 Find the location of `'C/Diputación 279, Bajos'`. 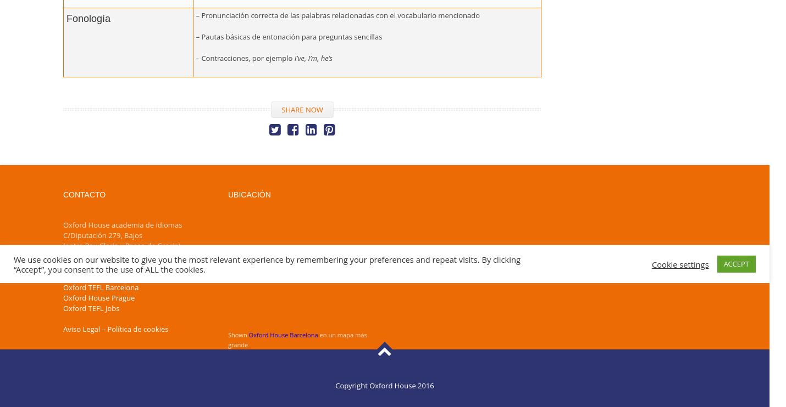

'C/Diputación 279, Bajos' is located at coordinates (102, 234).